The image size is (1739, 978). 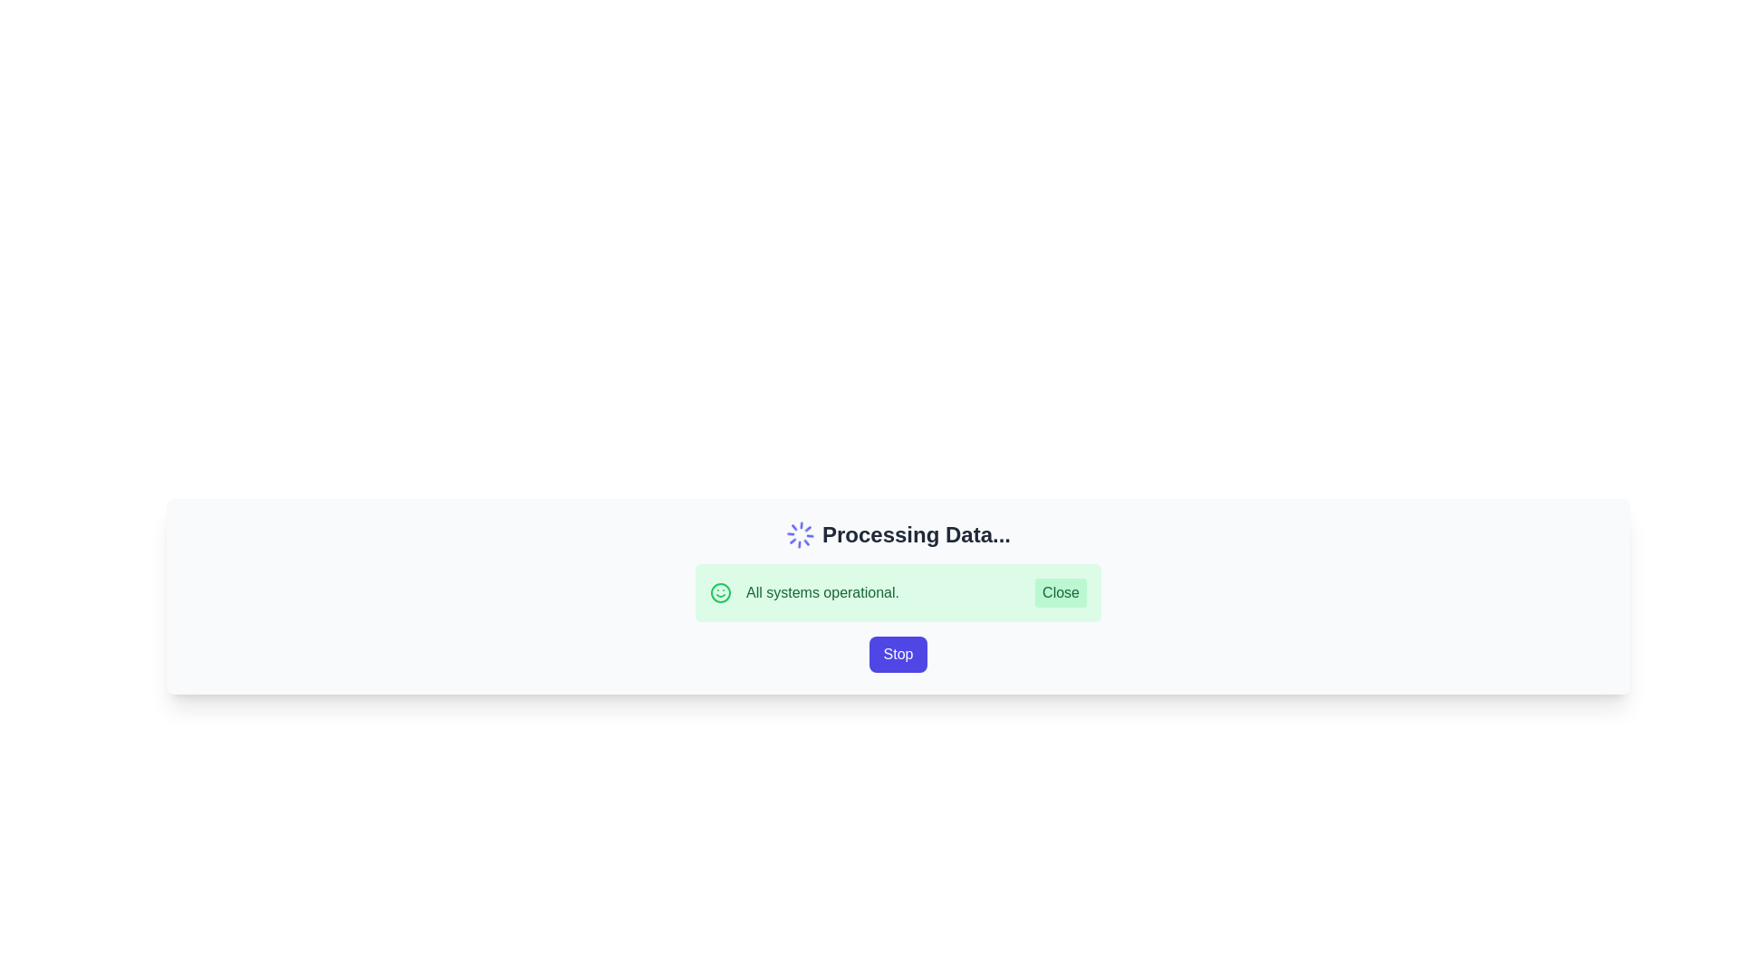 What do you see at coordinates (898, 654) in the screenshot?
I see `the 'Stop' button, which is a dark indigo rectangular button with rounded corners containing white text, to change its color` at bounding box center [898, 654].